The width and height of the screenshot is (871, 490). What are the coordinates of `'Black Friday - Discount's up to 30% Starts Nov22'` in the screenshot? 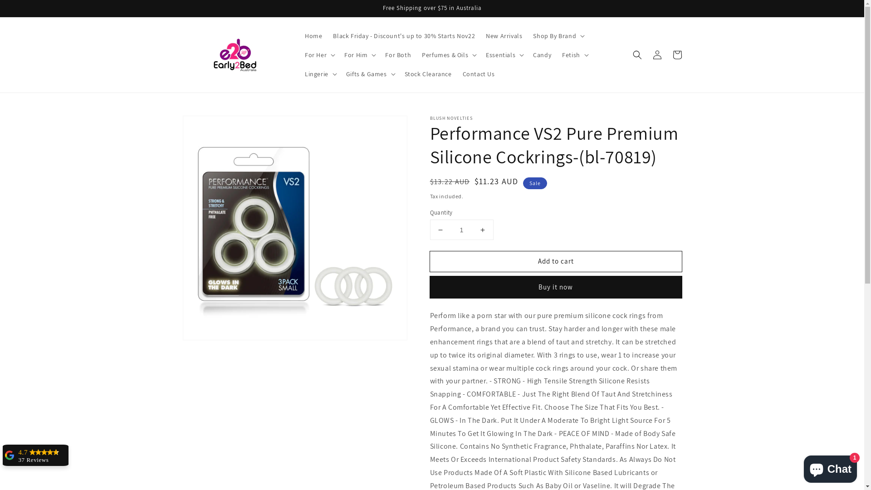 It's located at (403, 35).